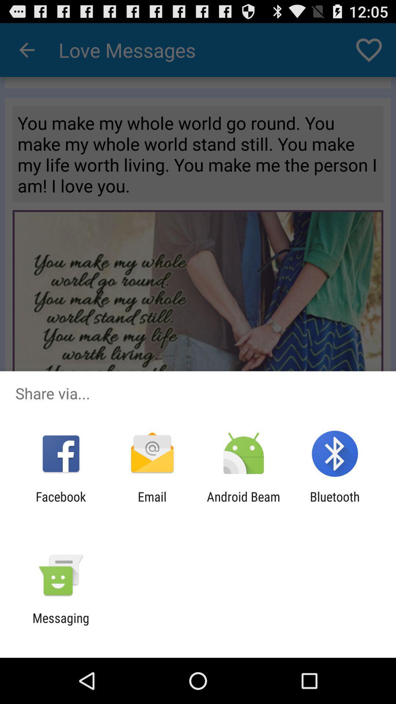  I want to click on the android beam icon, so click(243, 504).